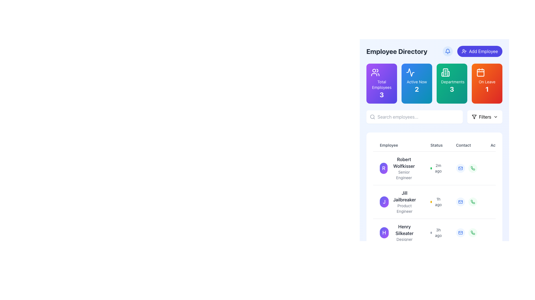  I want to click on the mail icon, which is a blue-colored envelope located in the 'Contact' column of the third row, so click(460, 232).